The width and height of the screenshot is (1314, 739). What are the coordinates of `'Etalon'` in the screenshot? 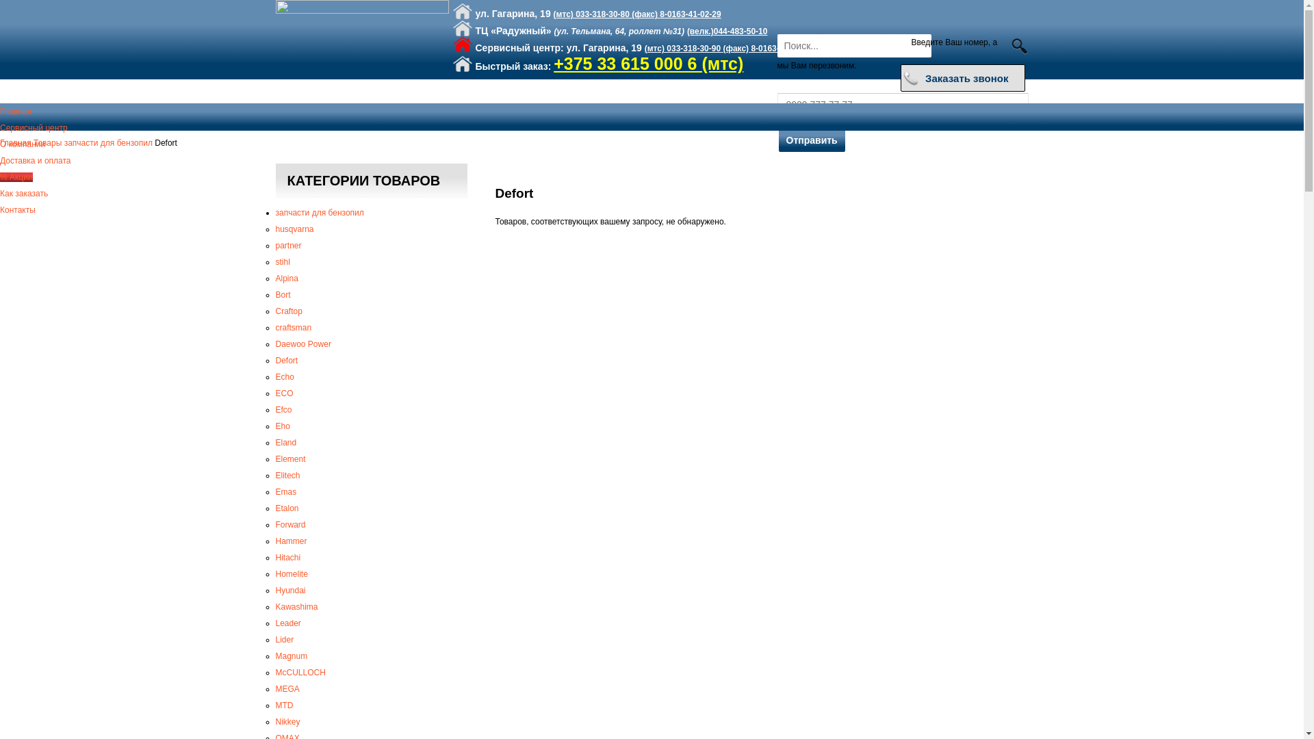 It's located at (285, 508).